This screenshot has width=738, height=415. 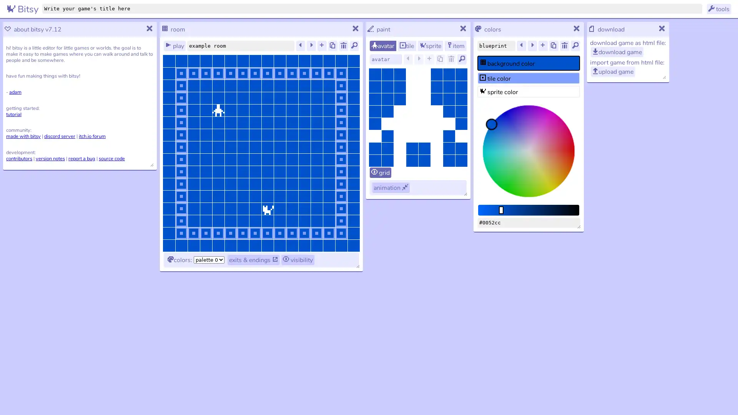 I want to click on next room, so click(x=311, y=46).